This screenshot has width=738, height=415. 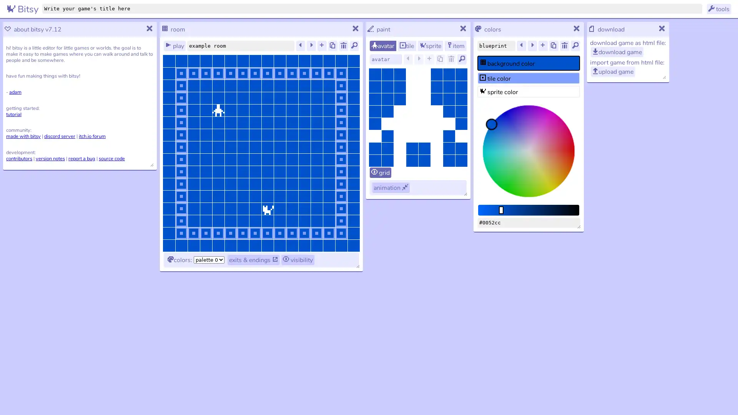 I want to click on next room, so click(x=311, y=46).